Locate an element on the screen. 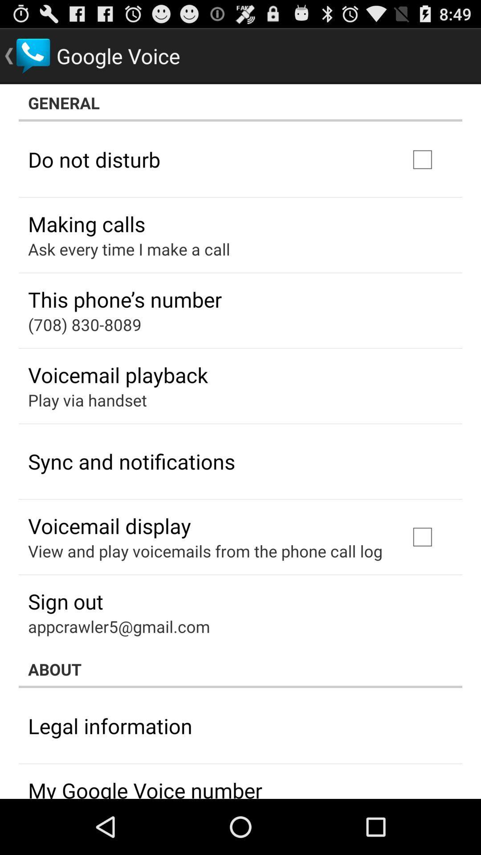 The width and height of the screenshot is (481, 855). item above the this phone s item is located at coordinates (129, 249).